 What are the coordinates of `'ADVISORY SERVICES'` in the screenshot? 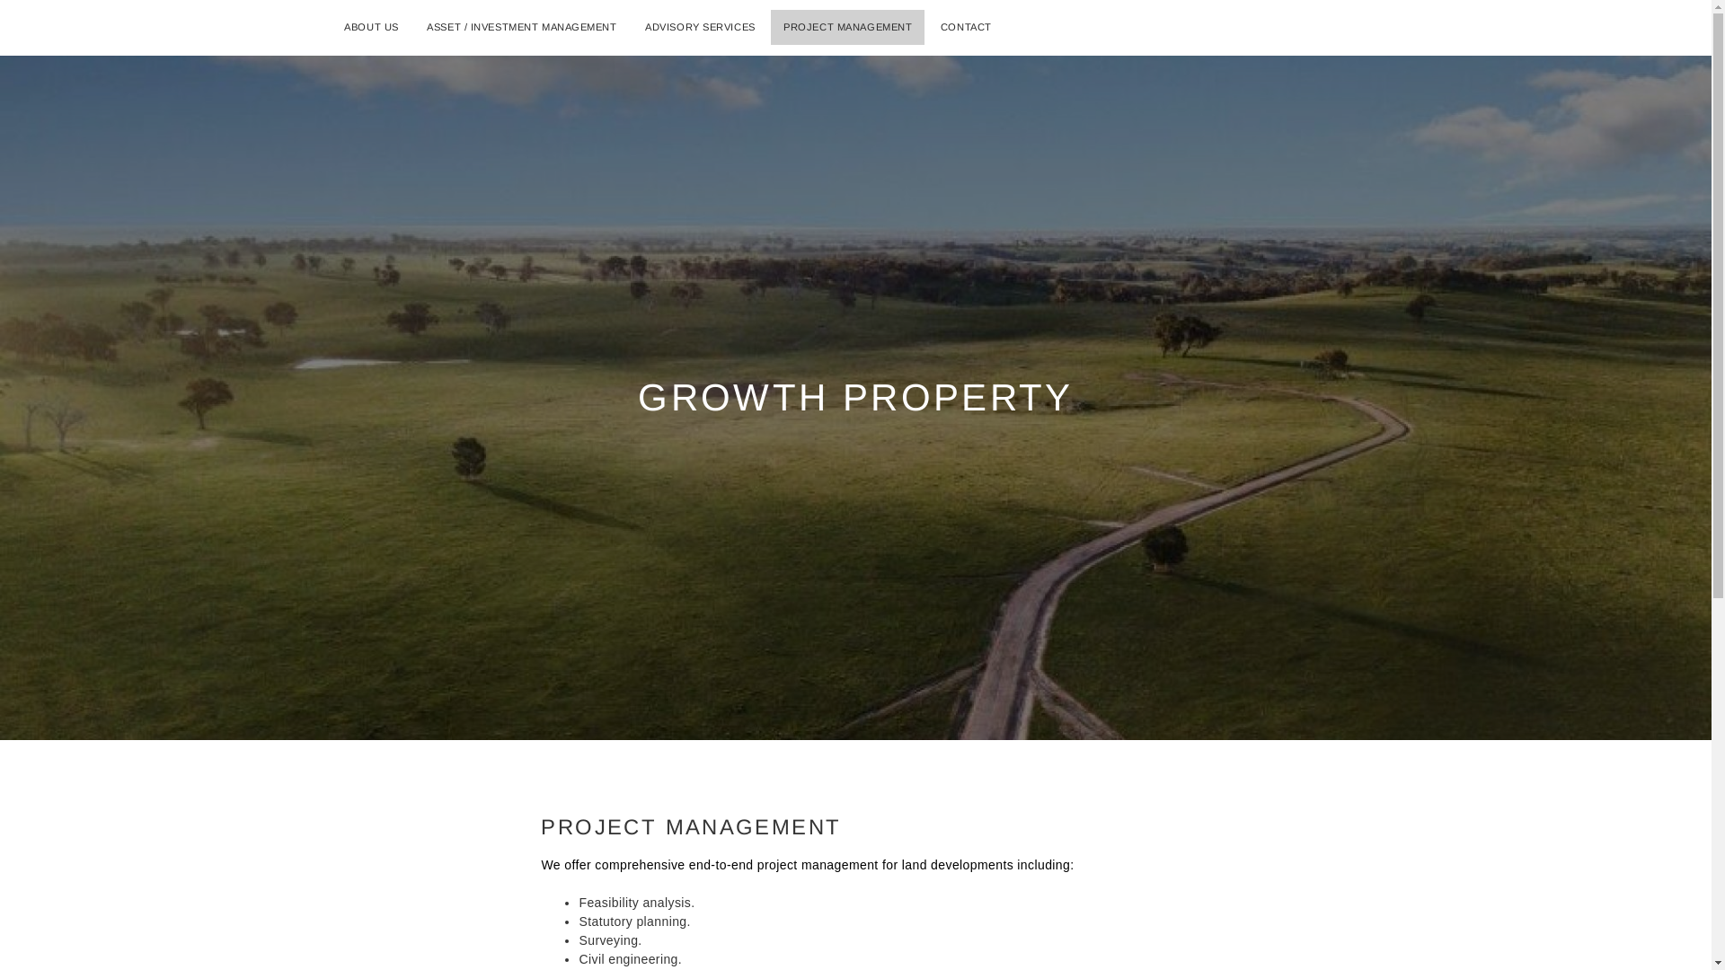 It's located at (699, 27).